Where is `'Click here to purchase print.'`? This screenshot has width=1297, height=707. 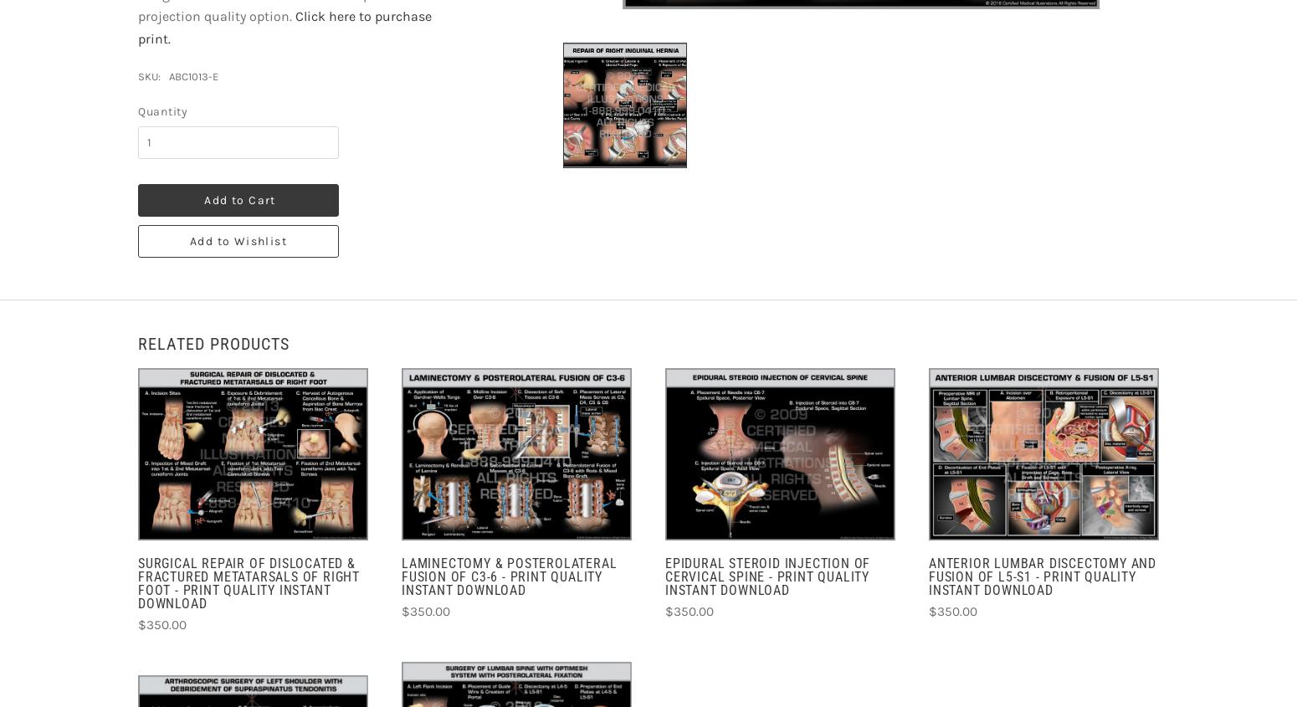 'Click here to purchase print.' is located at coordinates (137, 27).